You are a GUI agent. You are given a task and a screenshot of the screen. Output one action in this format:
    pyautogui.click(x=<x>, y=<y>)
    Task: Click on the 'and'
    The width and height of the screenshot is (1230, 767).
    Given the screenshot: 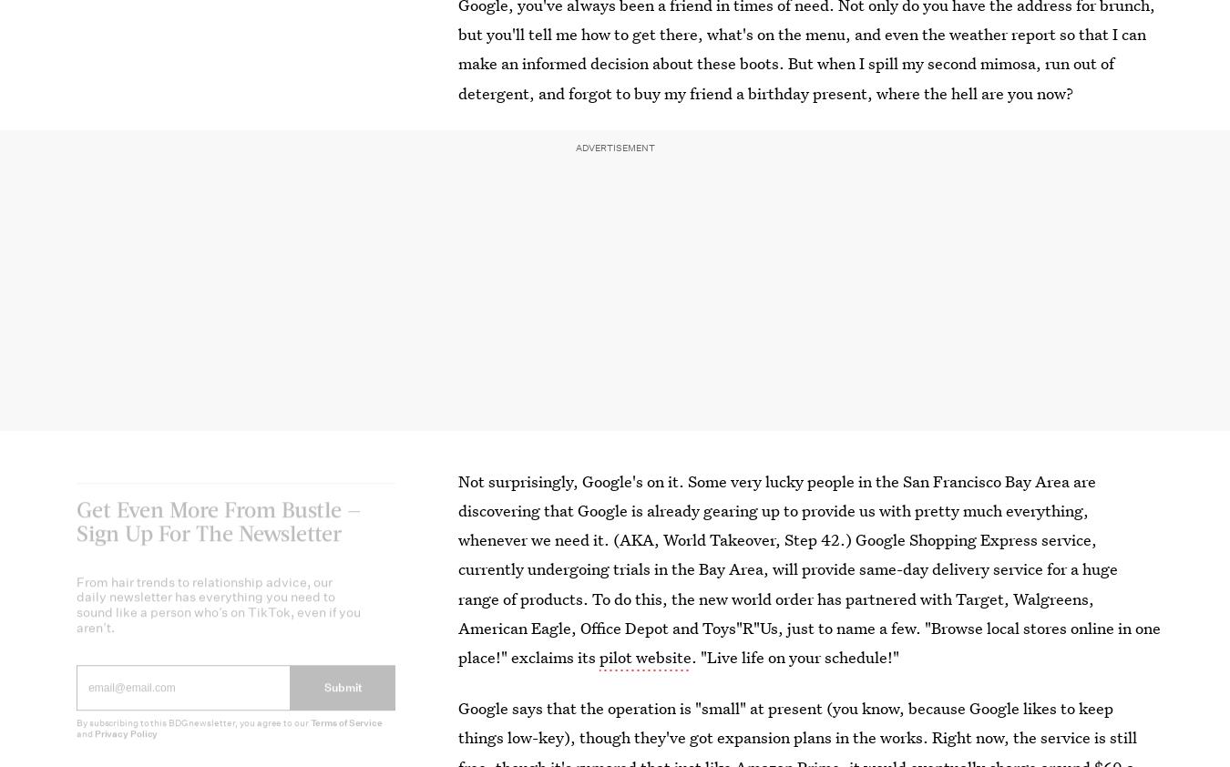 What is the action you would take?
    pyautogui.click(x=83, y=747)
    